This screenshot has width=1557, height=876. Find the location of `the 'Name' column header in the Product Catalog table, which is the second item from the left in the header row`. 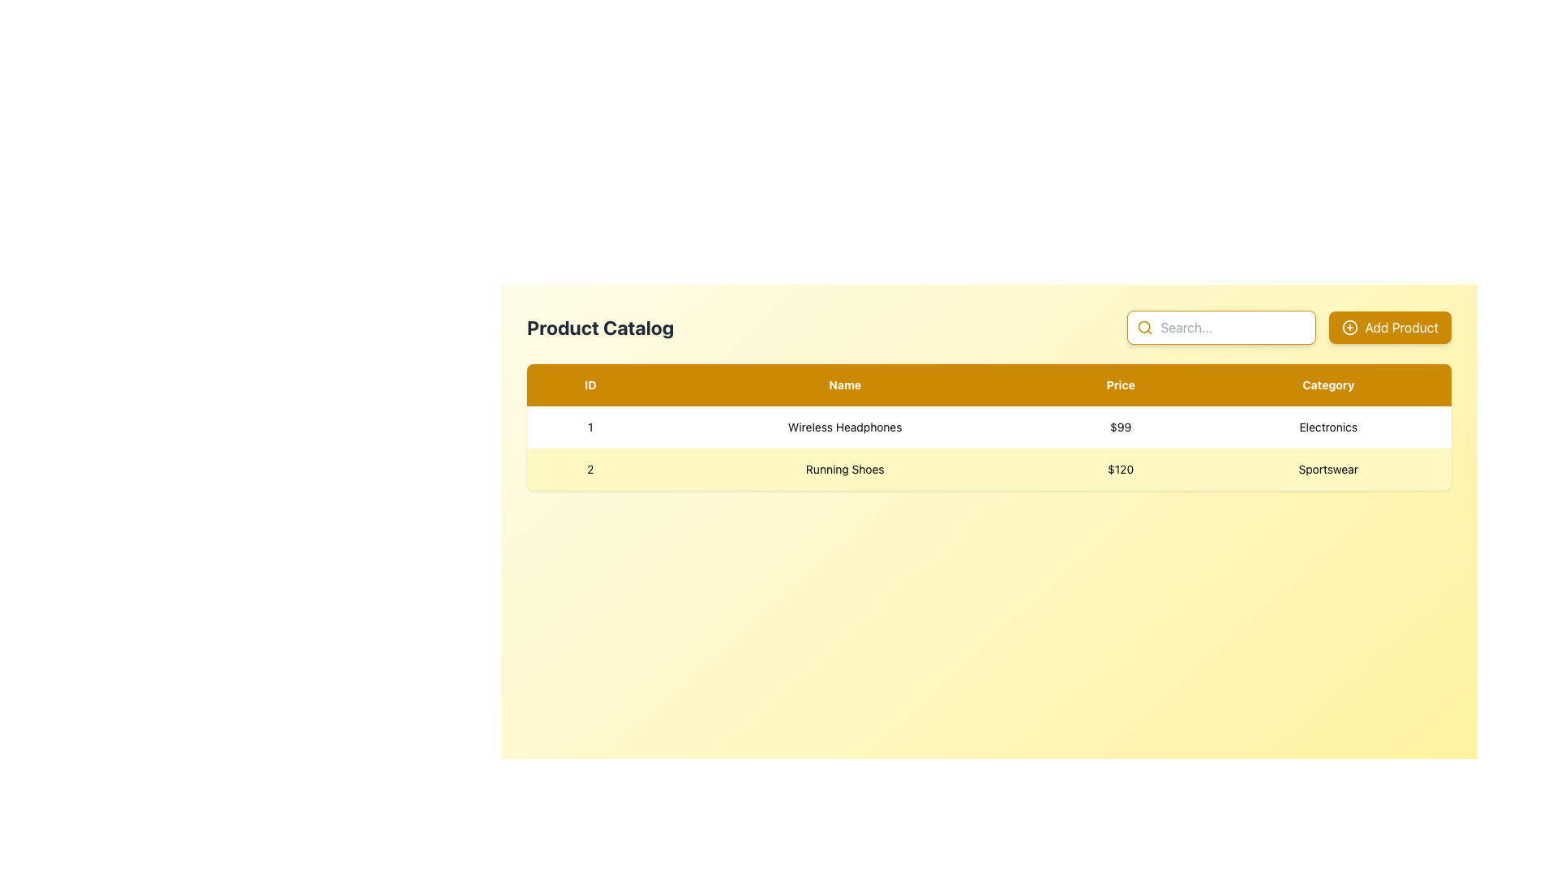

the 'Name' column header in the Product Catalog table, which is the second item from the left in the header row is located at coordinates (844, 384).